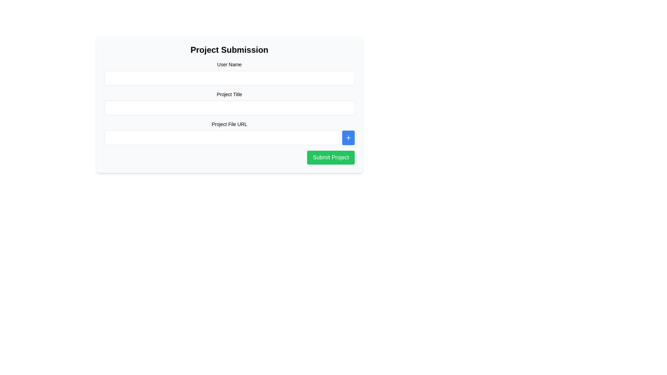 This screenshot has width=667, height=375. Describe the element at coordinates (229, 64) in the screenshot. I see `the text label that displays 'User Name', which is positioned above the input field in the top-left portion of the input form area` at that location.